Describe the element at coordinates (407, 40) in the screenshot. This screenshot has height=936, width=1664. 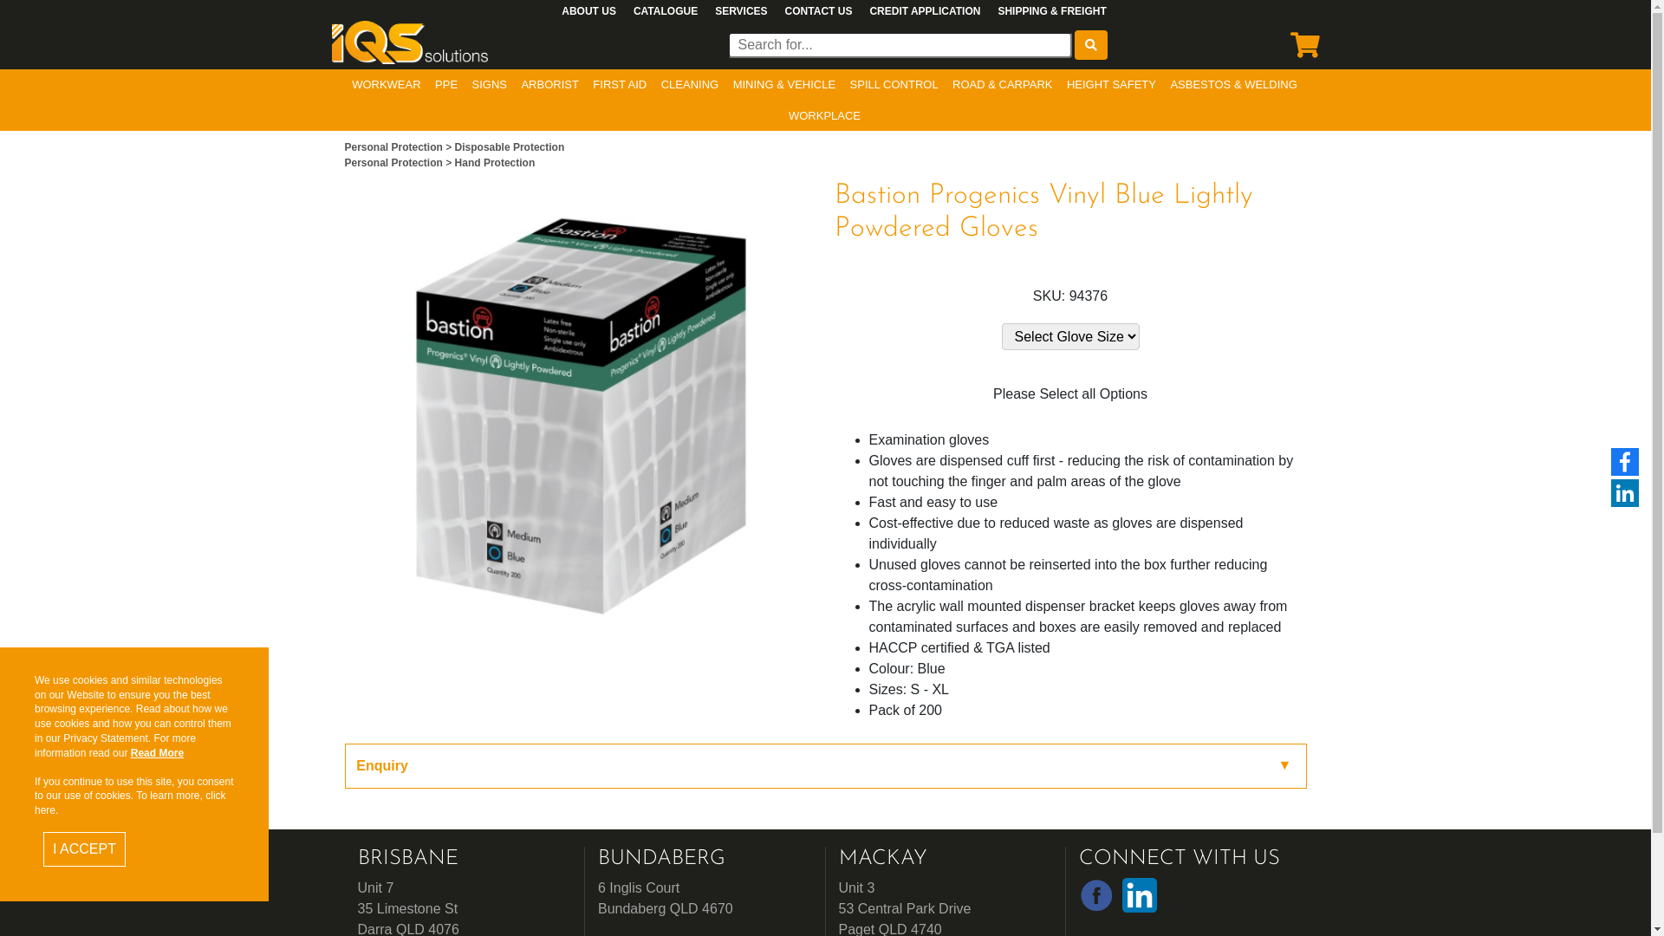
I see `'Business Logo'` at that location.